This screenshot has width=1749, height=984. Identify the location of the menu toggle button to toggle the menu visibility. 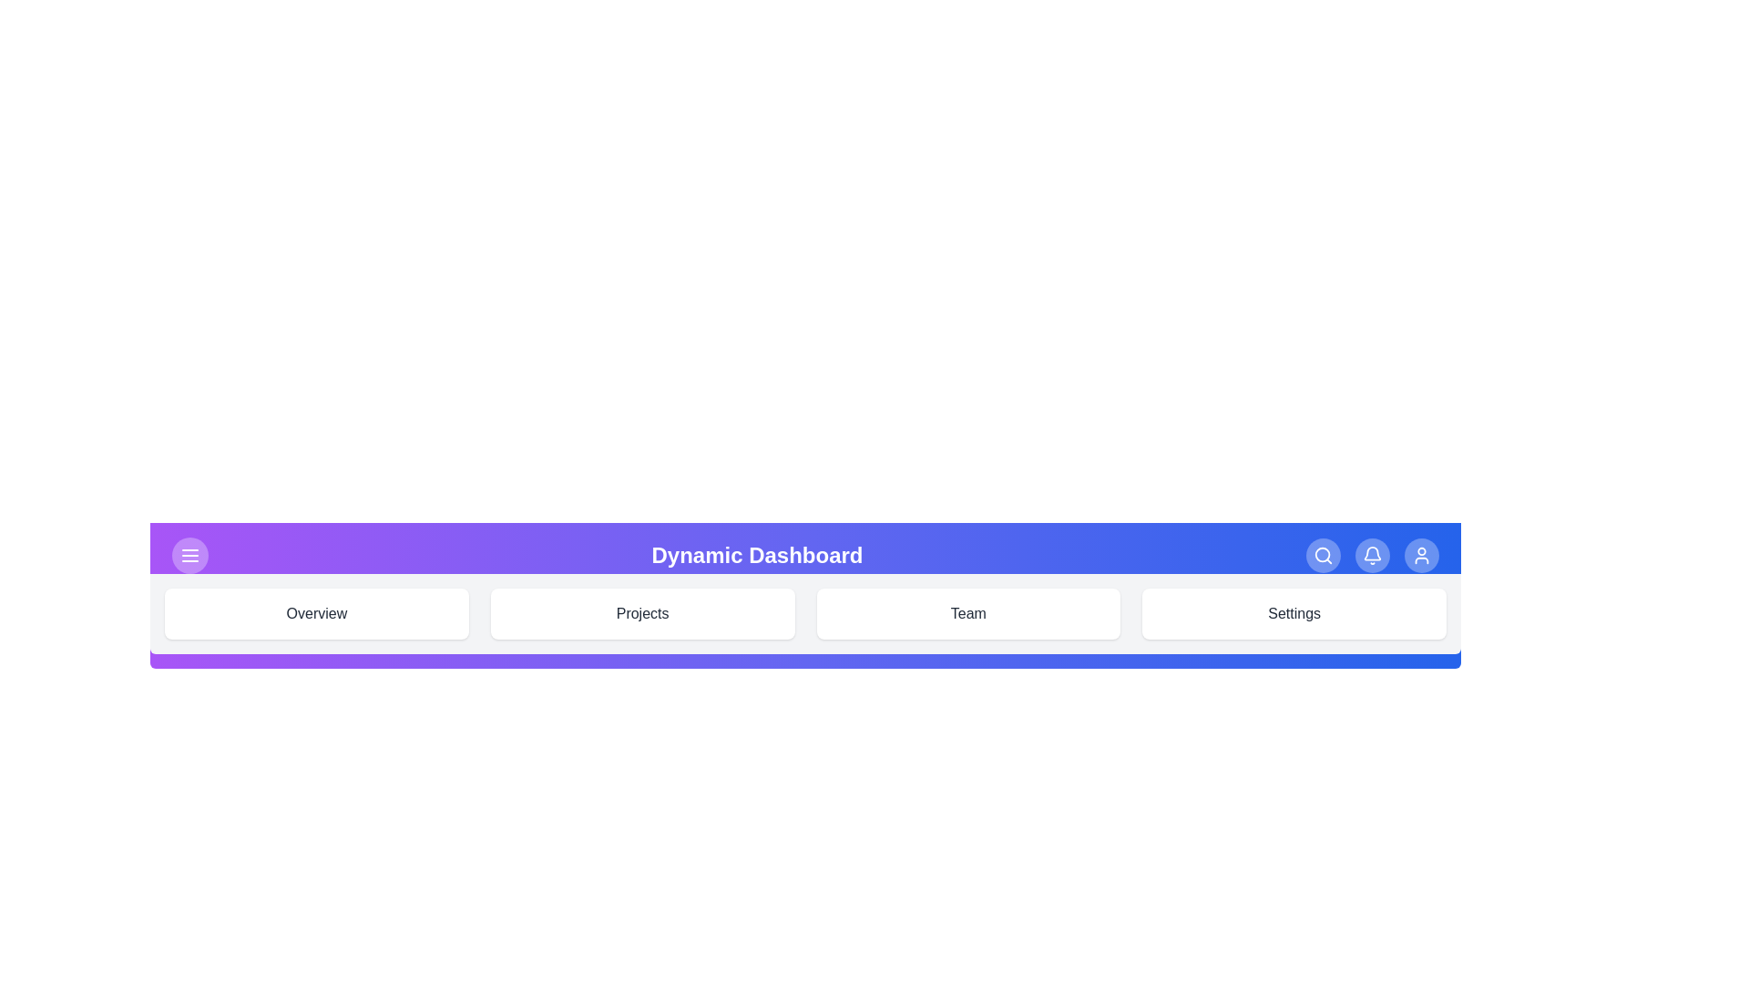
(190, 554).